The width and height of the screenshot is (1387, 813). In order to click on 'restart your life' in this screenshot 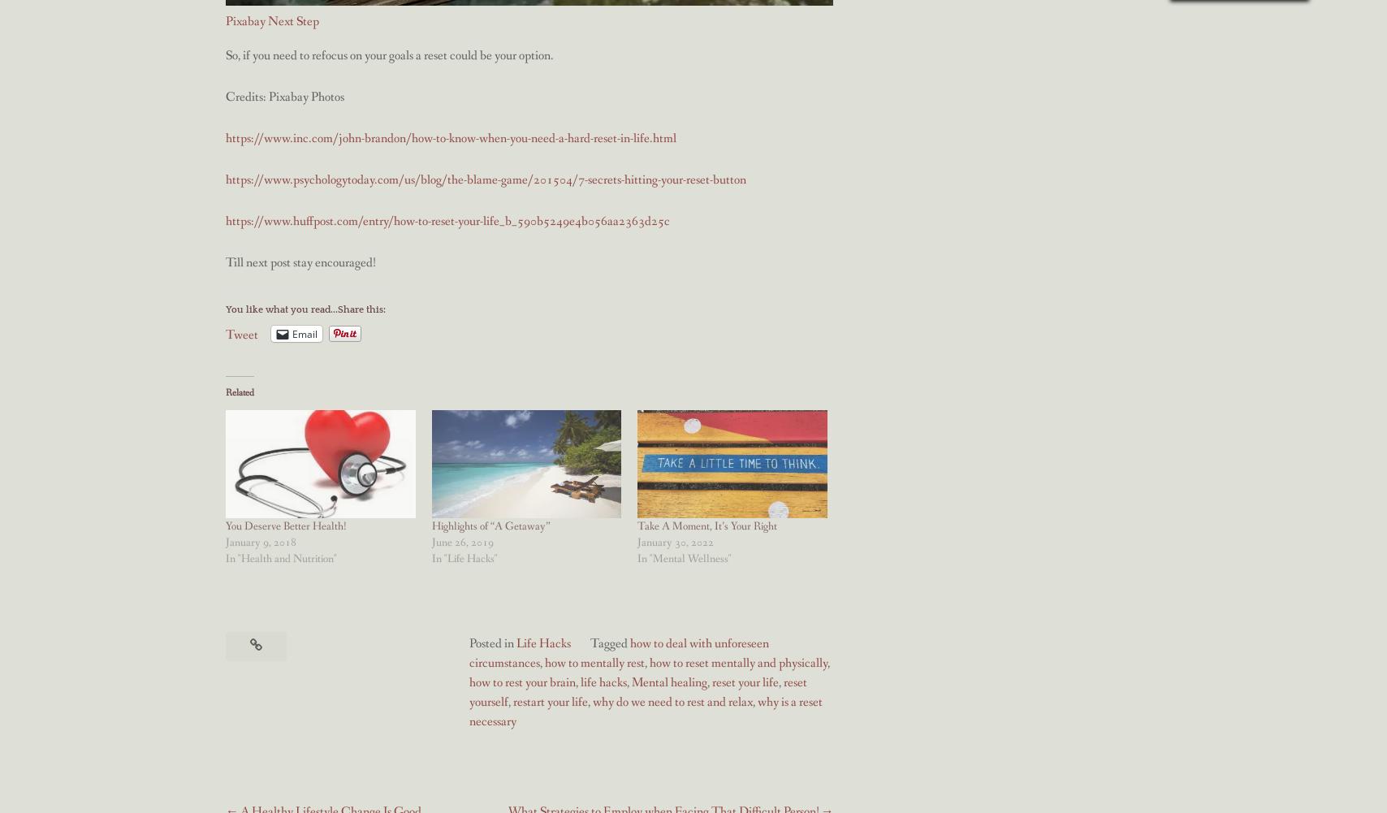, I will do `click(550, 702)`.